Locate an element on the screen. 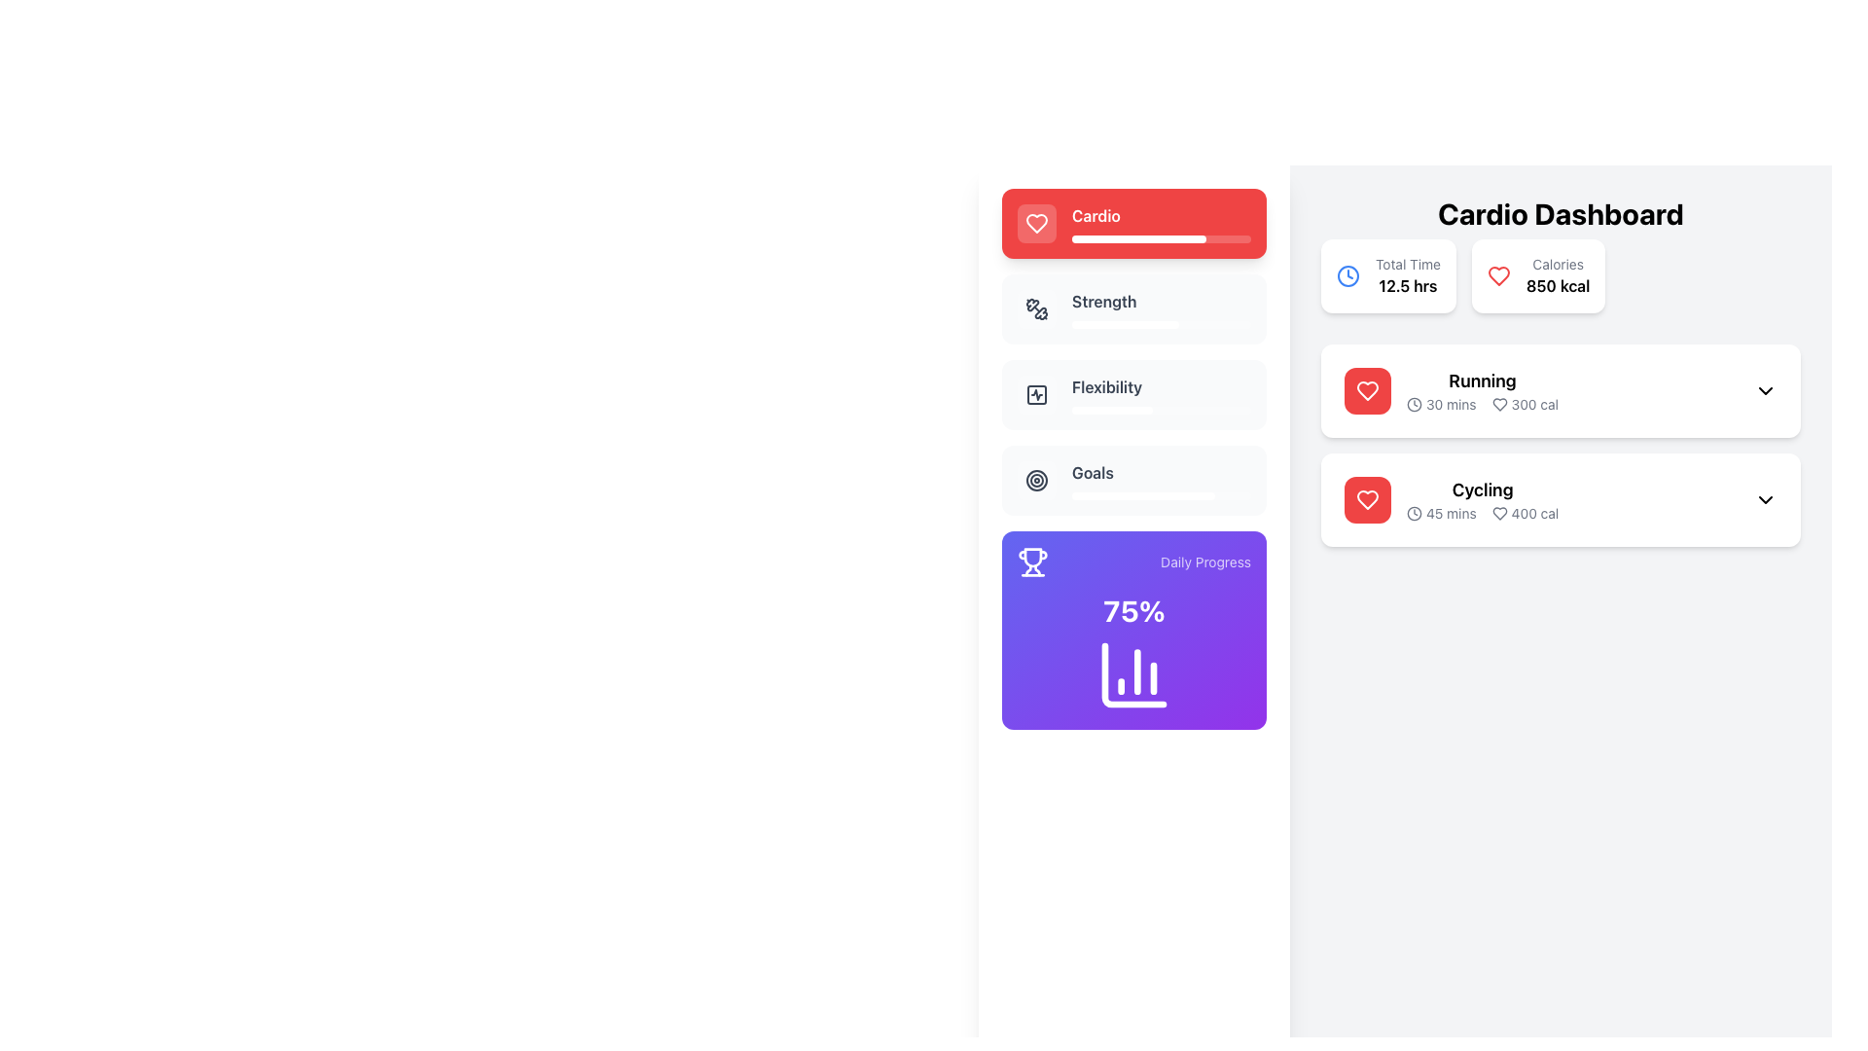 The width and height of the screenshot is (1868, 1051). slim, horizontally stretched progress bar with rounded edges located below the 'Goals' text, which is filled approximately 80% of its width is located at coordinates (1162, 494).